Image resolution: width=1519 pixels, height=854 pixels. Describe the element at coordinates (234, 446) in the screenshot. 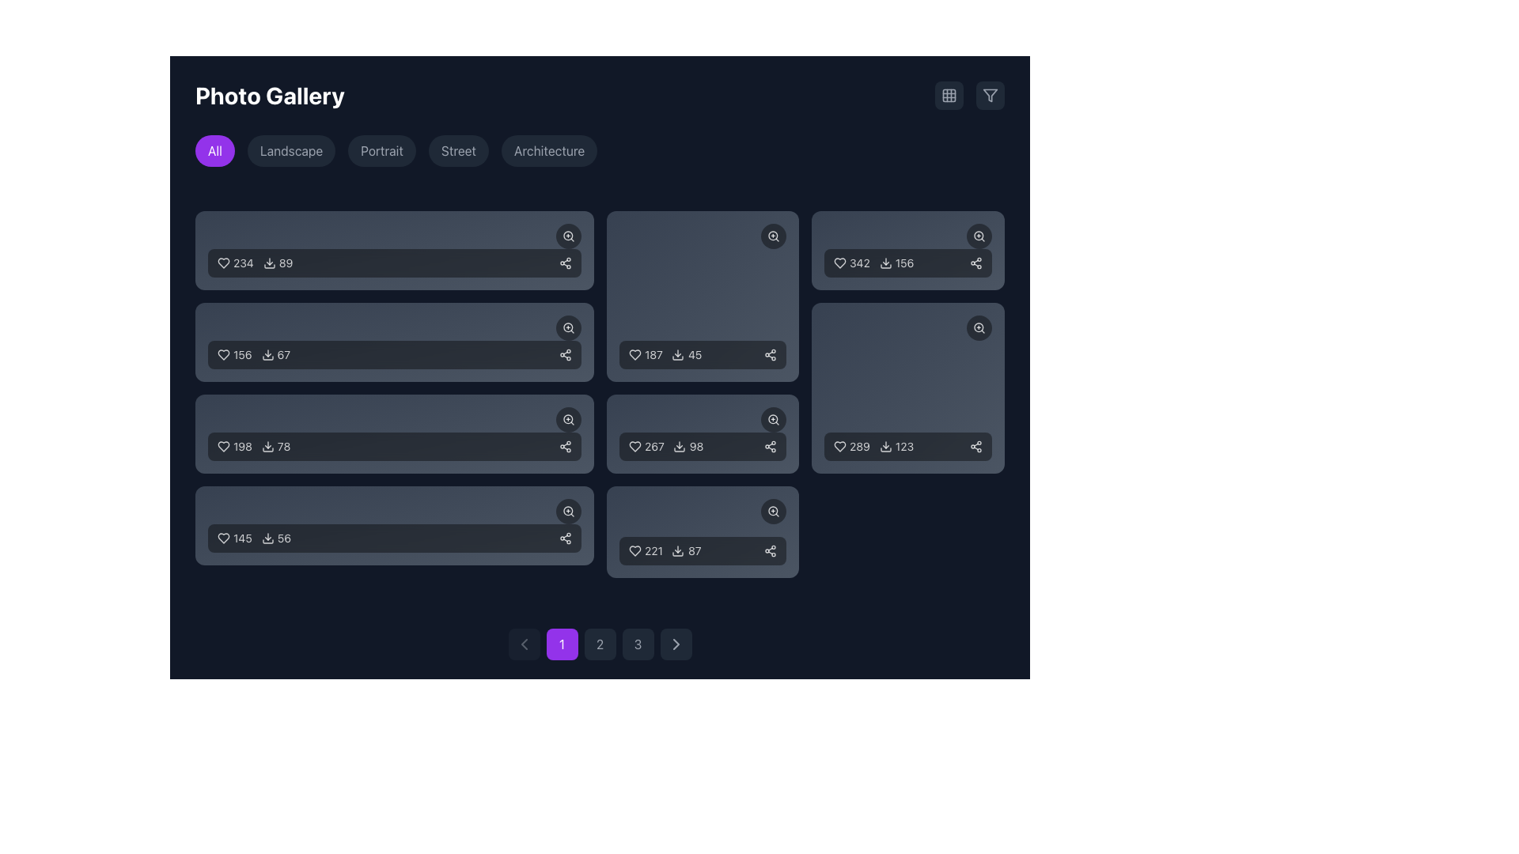

I see `the Like counter with the numeric value '198' and heart icon` at that location.